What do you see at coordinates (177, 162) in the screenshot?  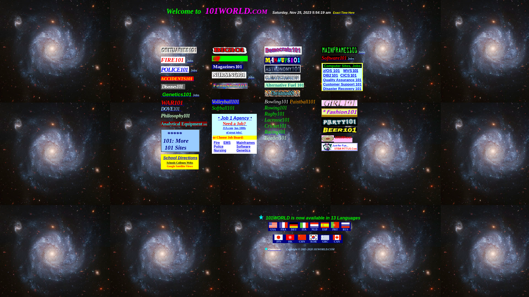 I see `'Schools Colleges'` at bounding box center [177, 162].